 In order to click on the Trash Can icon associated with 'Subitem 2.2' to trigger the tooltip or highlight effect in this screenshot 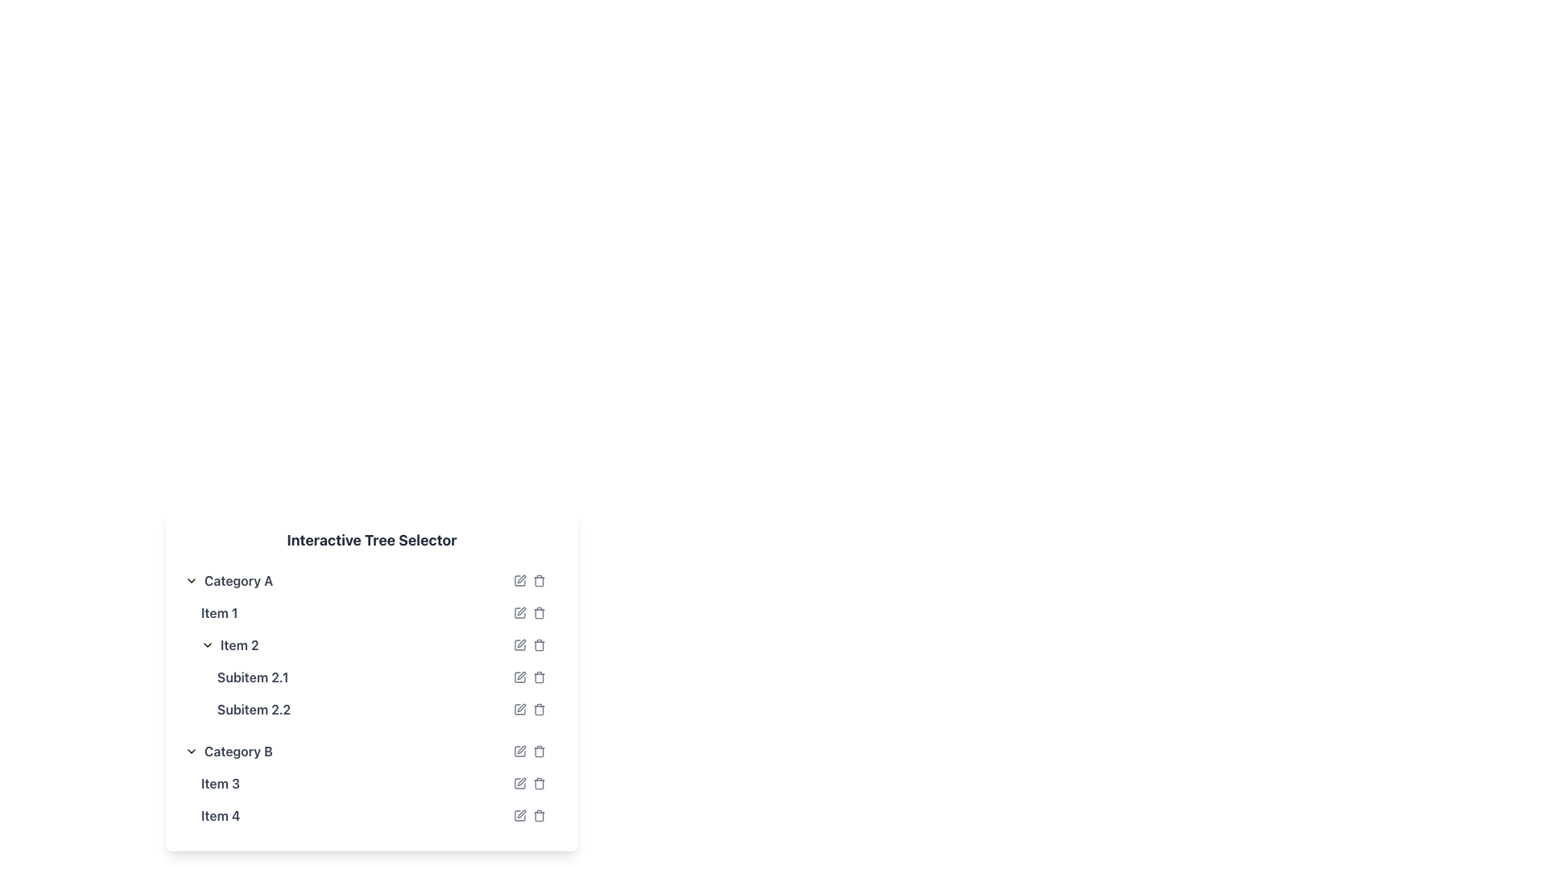, I will do `click(539, 710)`.